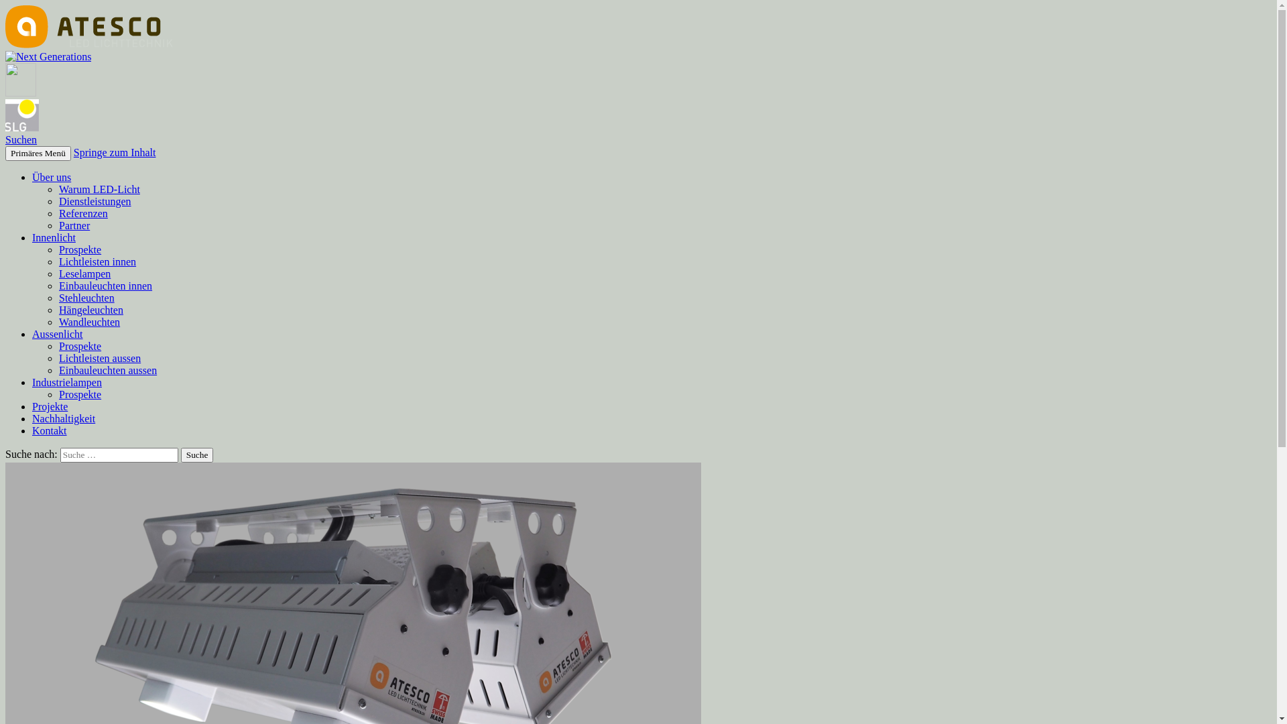  What do you see at coordinates (58, 213) in the screenshot?
I see `'Referenzen'` at bounding box center [58, 213].